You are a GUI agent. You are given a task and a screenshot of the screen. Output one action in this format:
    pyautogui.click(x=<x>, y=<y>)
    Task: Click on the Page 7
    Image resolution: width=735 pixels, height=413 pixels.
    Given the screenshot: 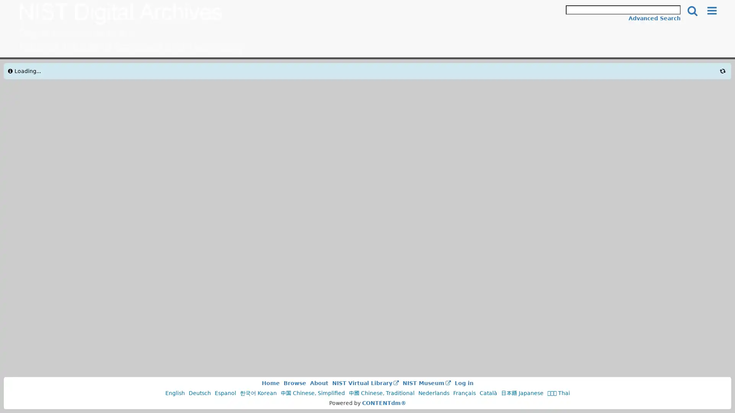 What is the action you would take?
    pyautogui.click(x=498, y=134)
    